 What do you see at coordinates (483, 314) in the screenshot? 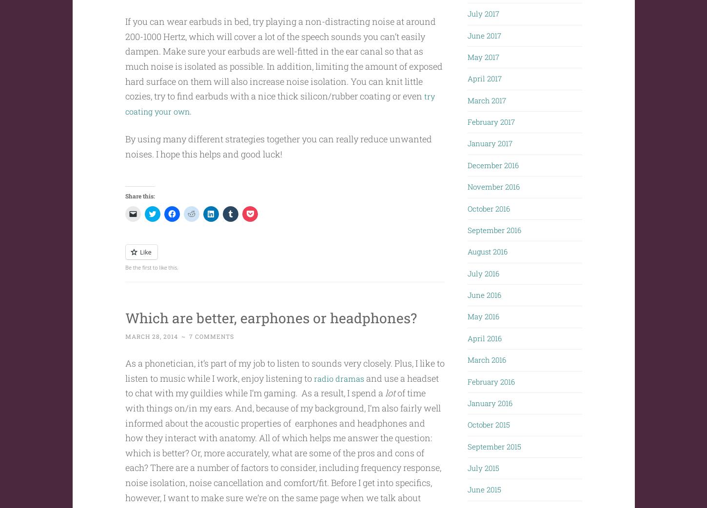
I see `'May 2016'` at bounding box center [483, 314].